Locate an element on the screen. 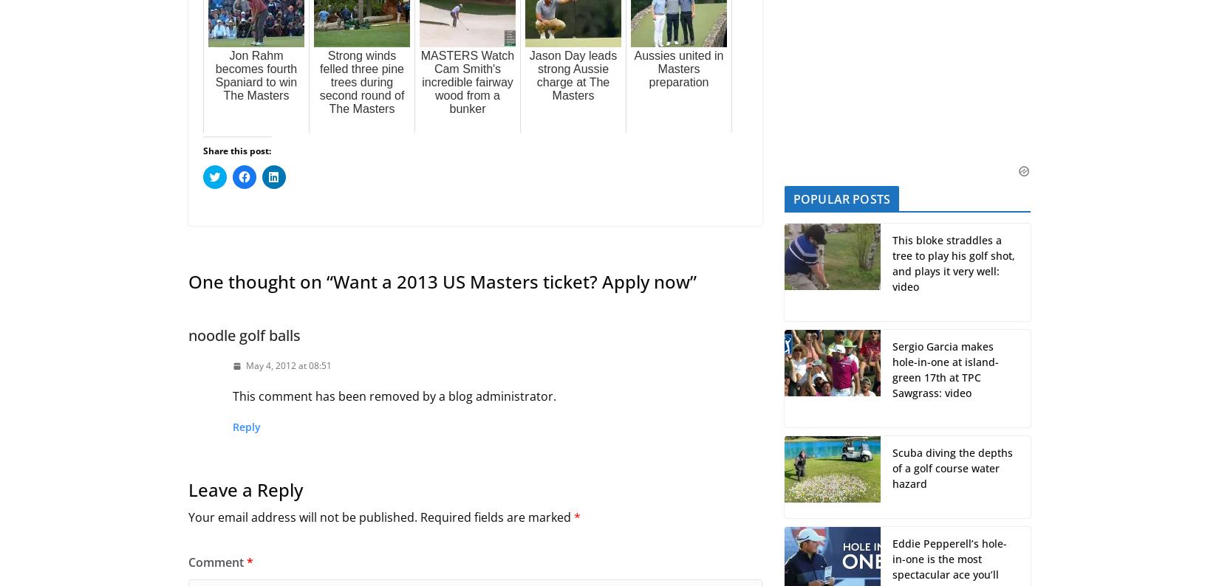 The image size is (1219, 586). 'Comment' is located at coordinates (217, 562).